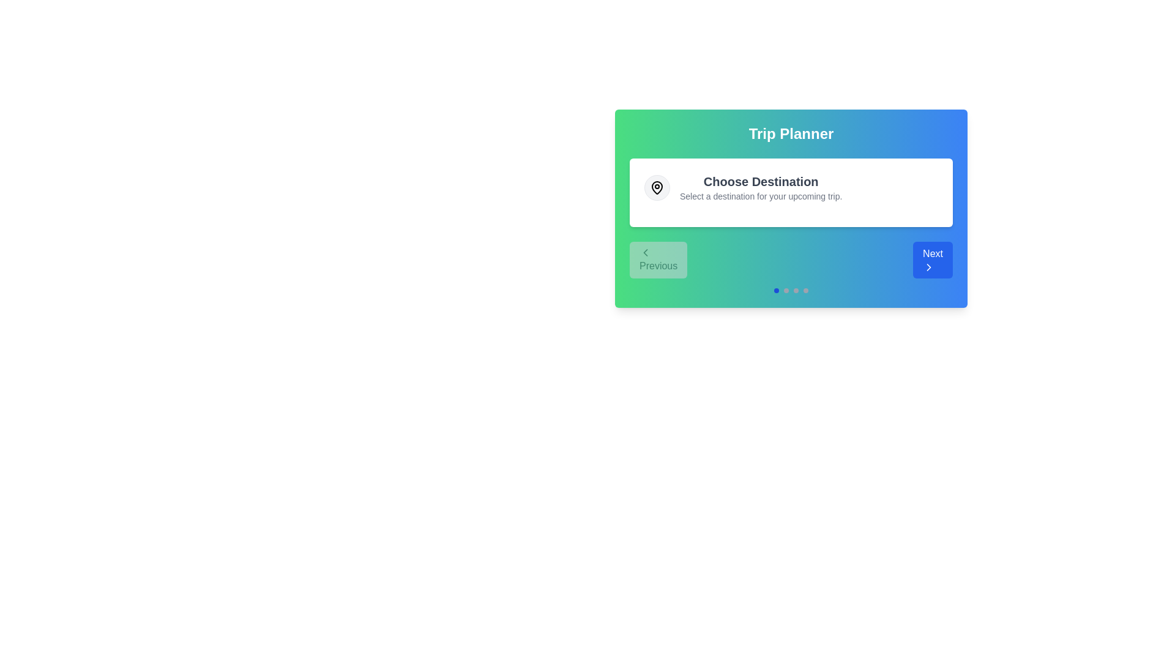  I want to click on the Content Card featuring a gradient background with the title 'Trip Planner' at the top and a secondary title 'Choose Destination' centered within it, so click(791, 207).